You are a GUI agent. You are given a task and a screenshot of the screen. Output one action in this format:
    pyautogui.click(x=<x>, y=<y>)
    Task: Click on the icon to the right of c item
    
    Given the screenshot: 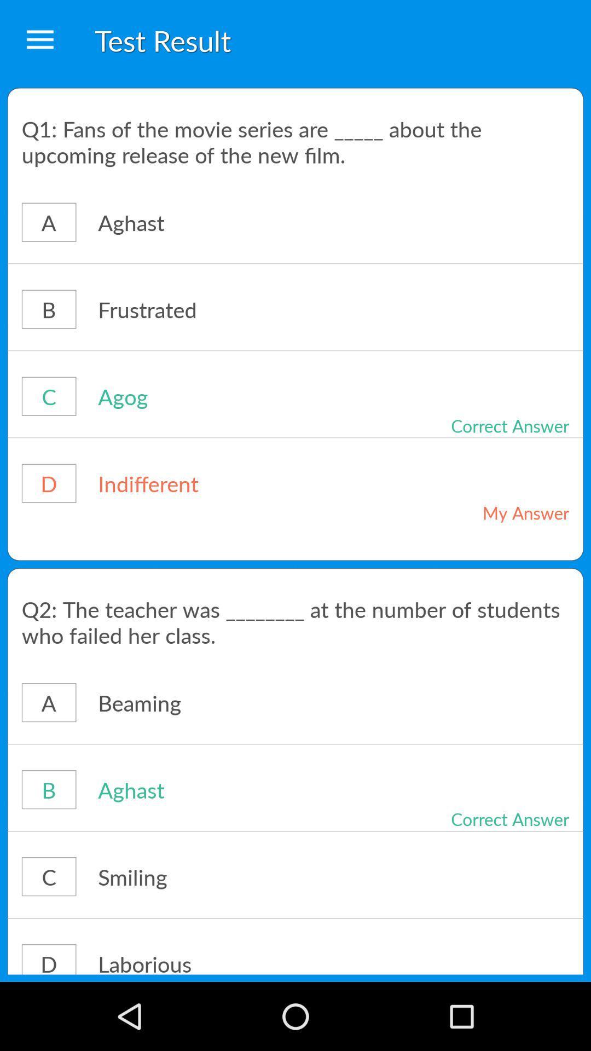 What is the action you would take?
    pyautogui.click(x=226, y=876)
    